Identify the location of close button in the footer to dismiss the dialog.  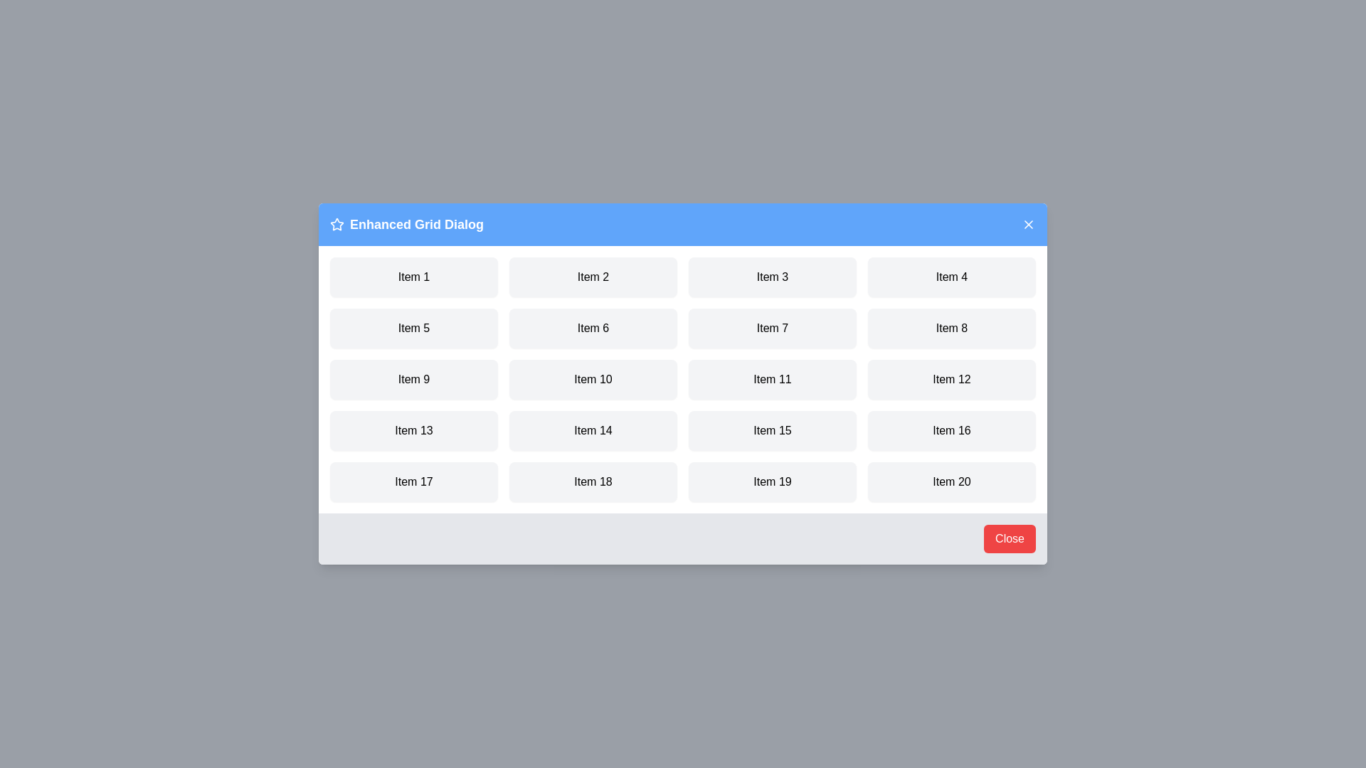
(1009, 539).